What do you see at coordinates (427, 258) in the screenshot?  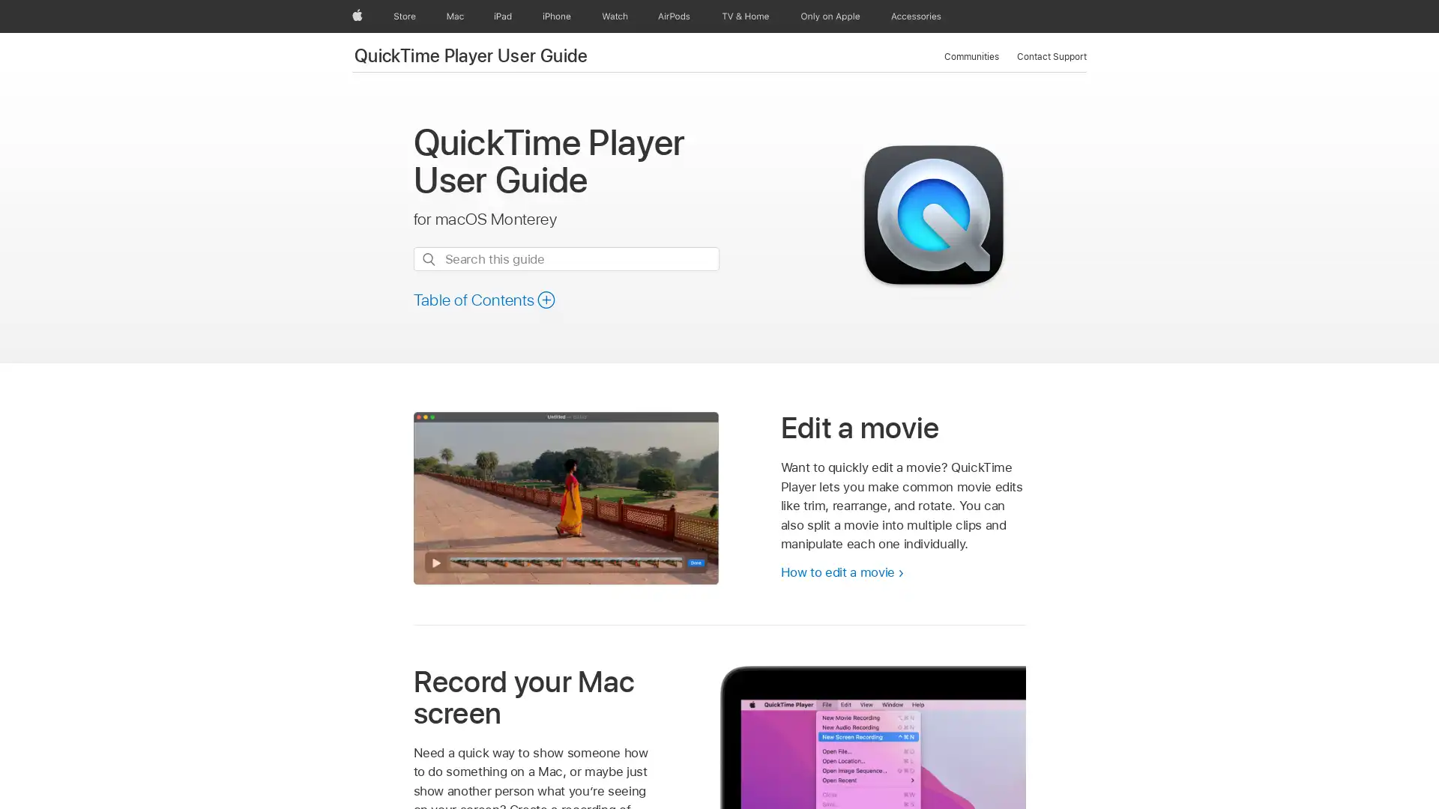 I see `Submit Search` at bounding box center [427, 258].